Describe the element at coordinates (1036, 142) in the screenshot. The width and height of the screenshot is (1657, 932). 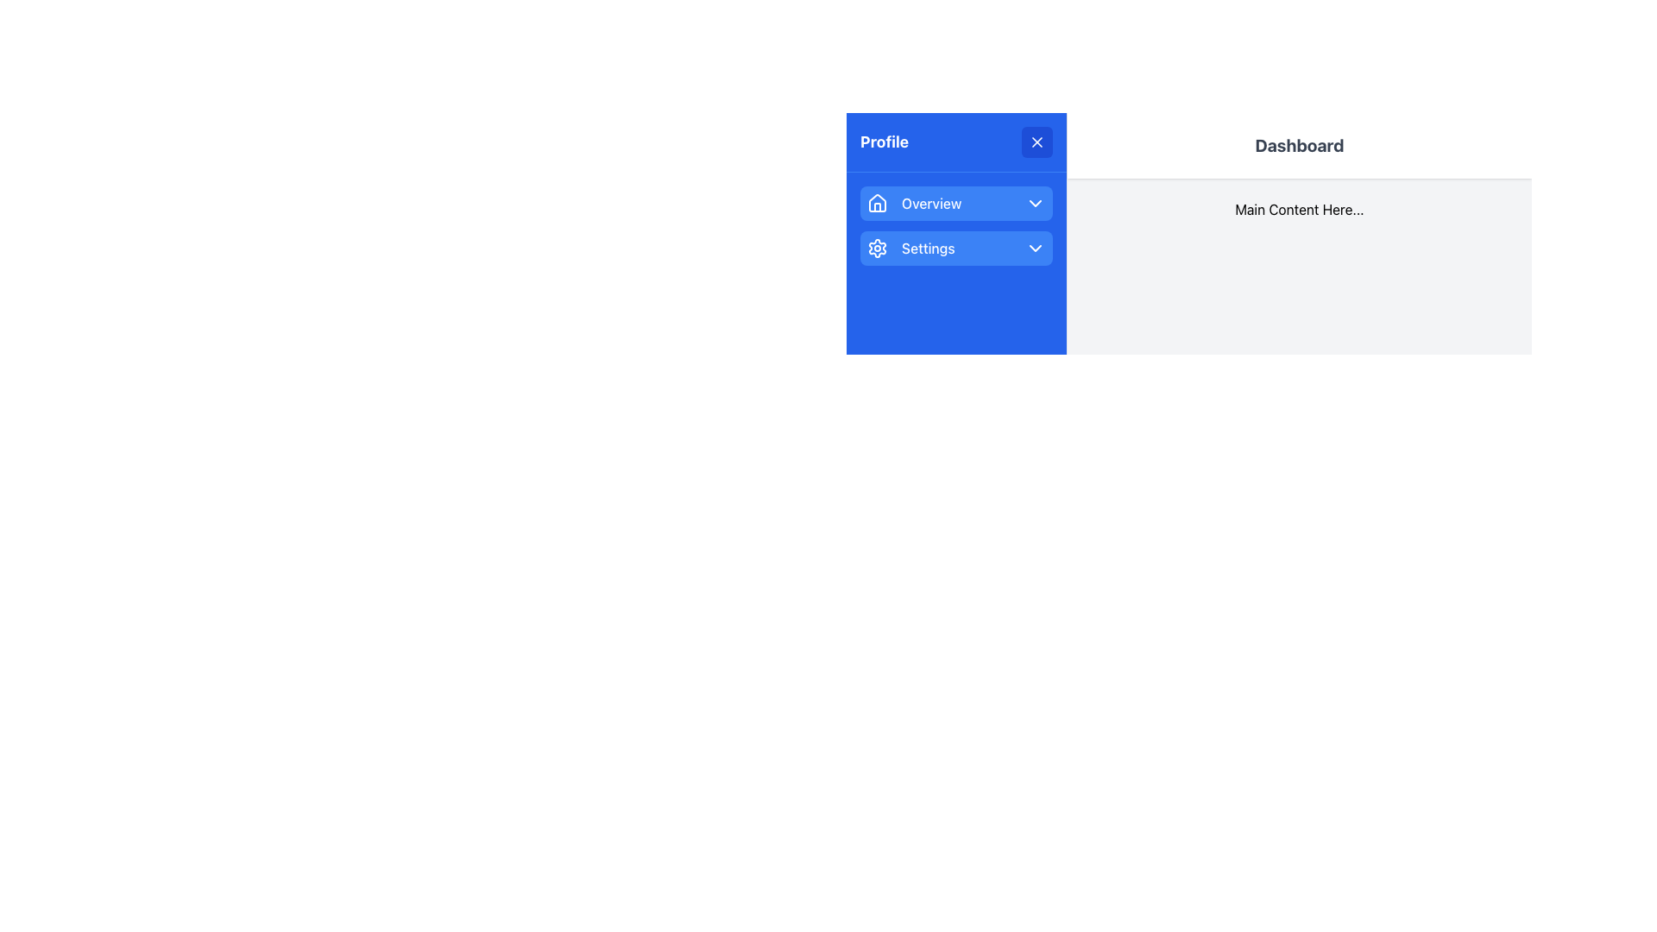
I see `the small circular blue button with a white 'X' symbol located in the top-right corner of the 'Profile' header section to trigger the hover effect` at that location.